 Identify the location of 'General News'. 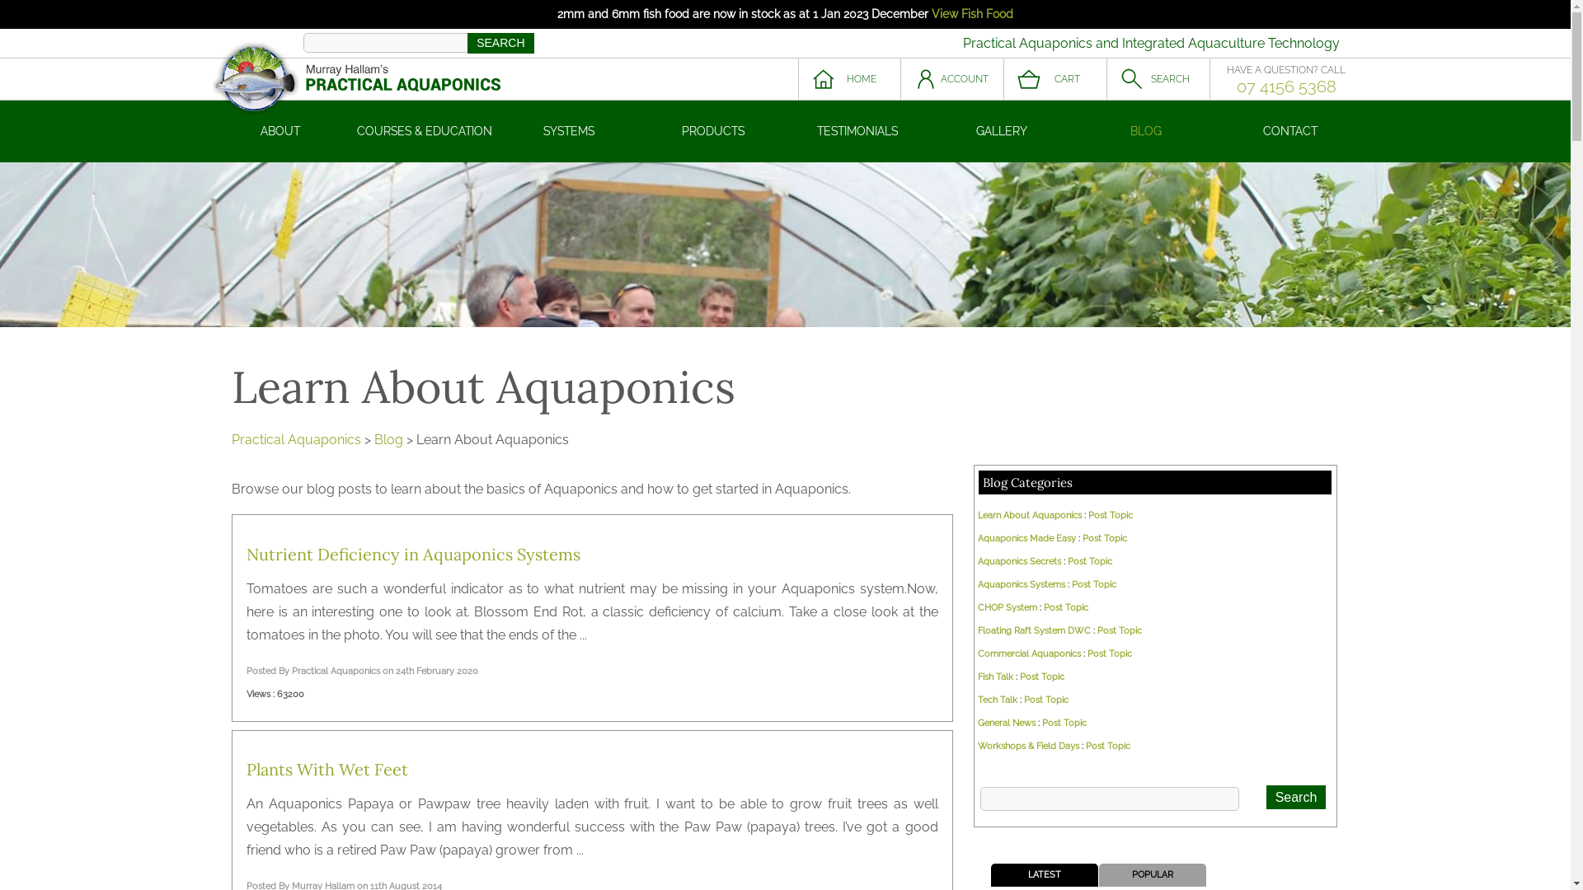
(1005, 722).